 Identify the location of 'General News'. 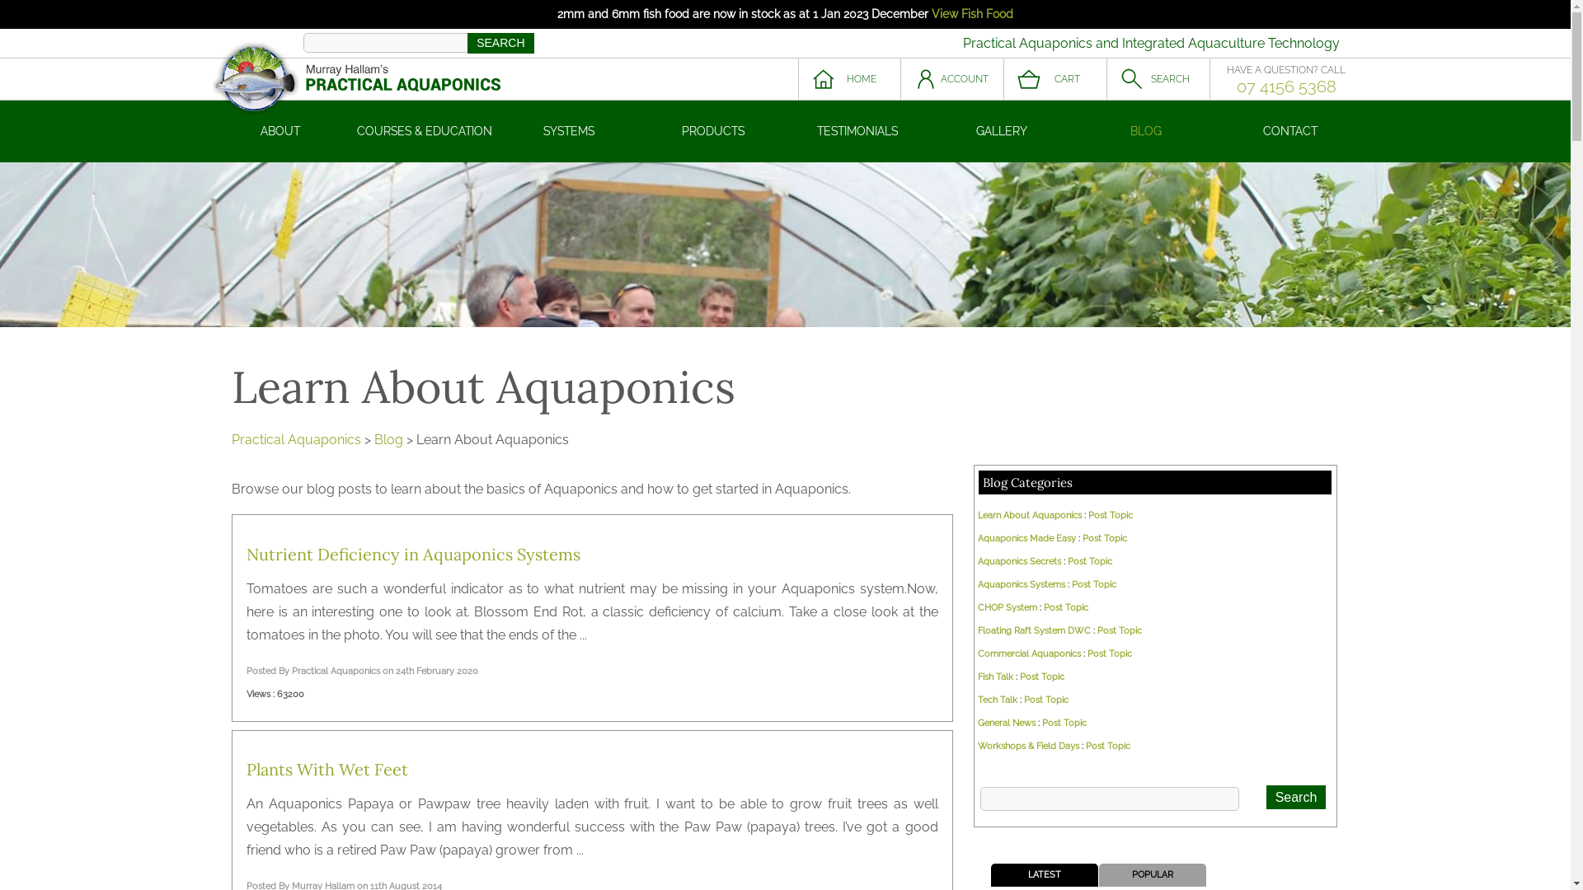
(1005, 722).